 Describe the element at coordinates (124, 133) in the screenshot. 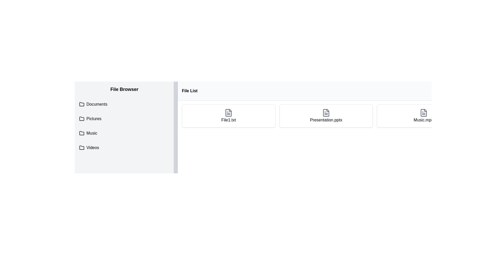

I see `the third list item in the 'File Browser' sidebar menu, which links to the 'Music' directory` at that location.